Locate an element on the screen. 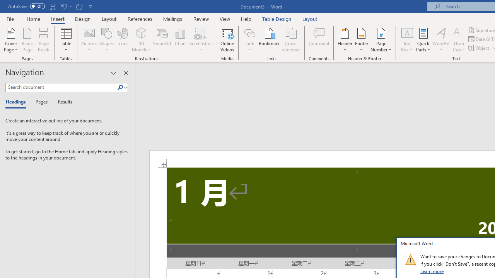 The height and width of the screenshot is (278, 495). 'Undo Increase Indent' is located at coordinates (66, 6).